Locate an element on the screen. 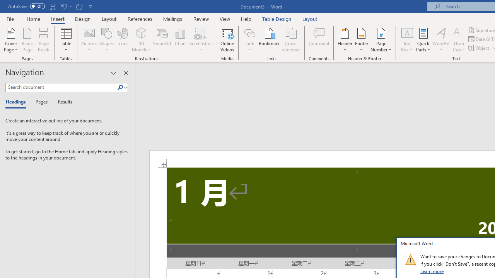 The height and width of the screenshot is (278, 495). 'Undo Increase Indent' is located at coordinates (66, 6).